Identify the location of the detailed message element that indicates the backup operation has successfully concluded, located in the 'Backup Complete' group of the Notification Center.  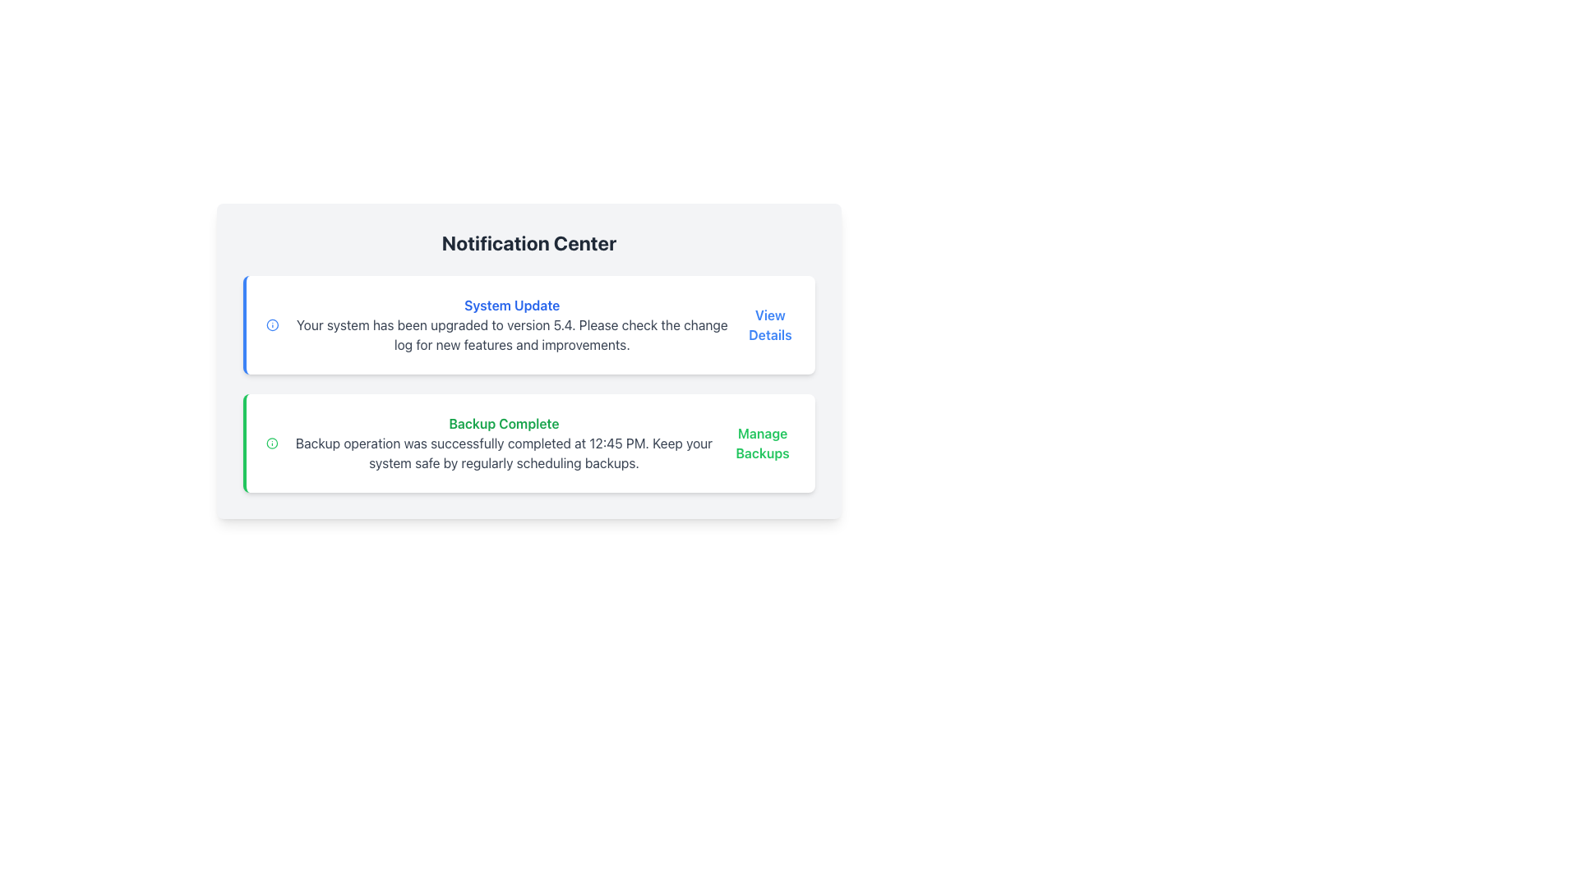
(503, 453).